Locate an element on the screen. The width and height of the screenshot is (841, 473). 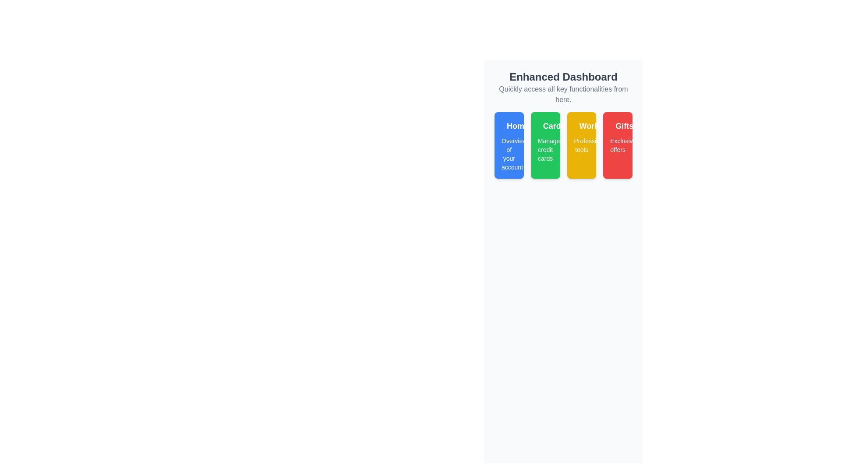
the 'Cards' label, which is a bold, white text label within the green button group under 'Enhanced Dashboard' is located at coordinates (554, 126).